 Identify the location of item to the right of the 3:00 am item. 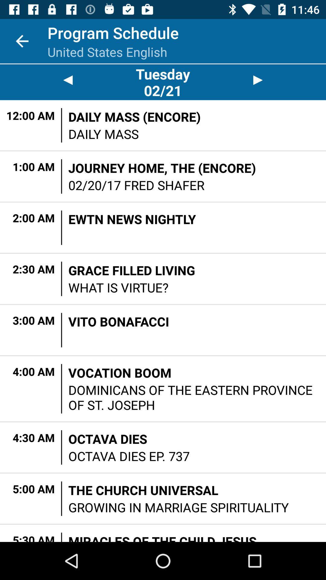
(62, 330).